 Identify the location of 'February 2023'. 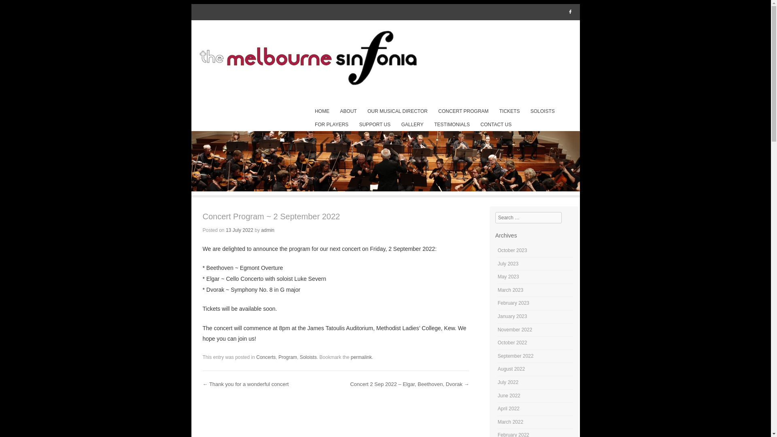
(513, 303).